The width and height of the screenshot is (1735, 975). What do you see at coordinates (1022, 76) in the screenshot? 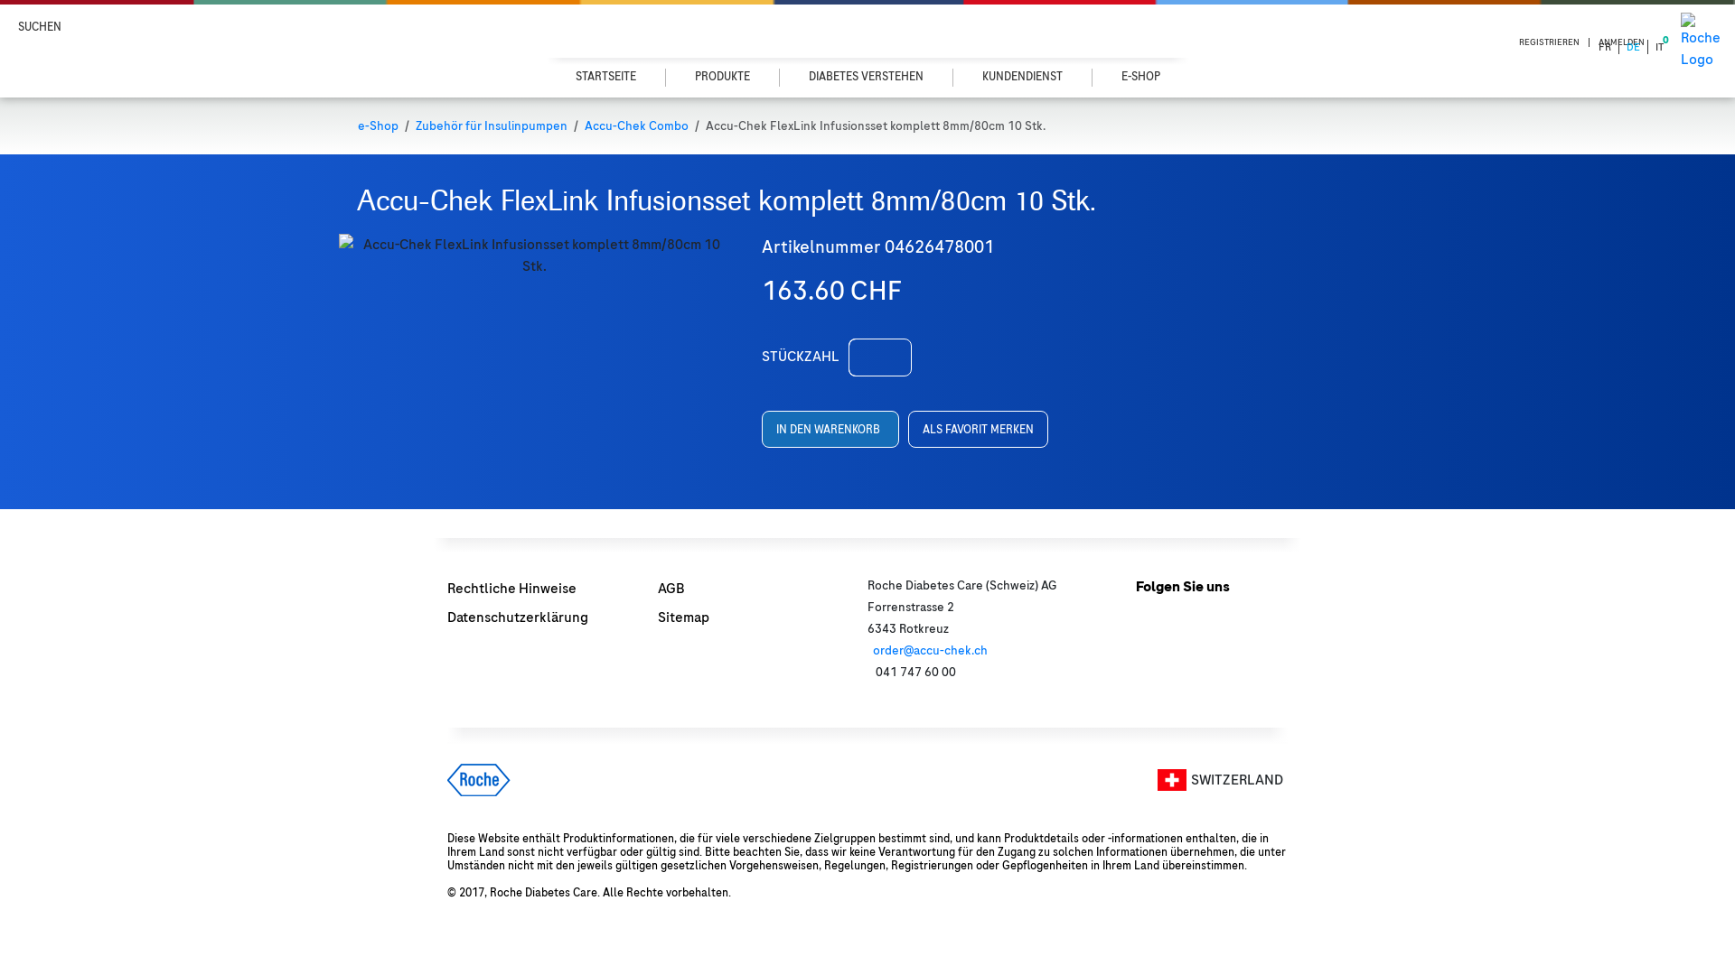
I see `'KUNDENDIENST'` at bounding box center [1022, 76].